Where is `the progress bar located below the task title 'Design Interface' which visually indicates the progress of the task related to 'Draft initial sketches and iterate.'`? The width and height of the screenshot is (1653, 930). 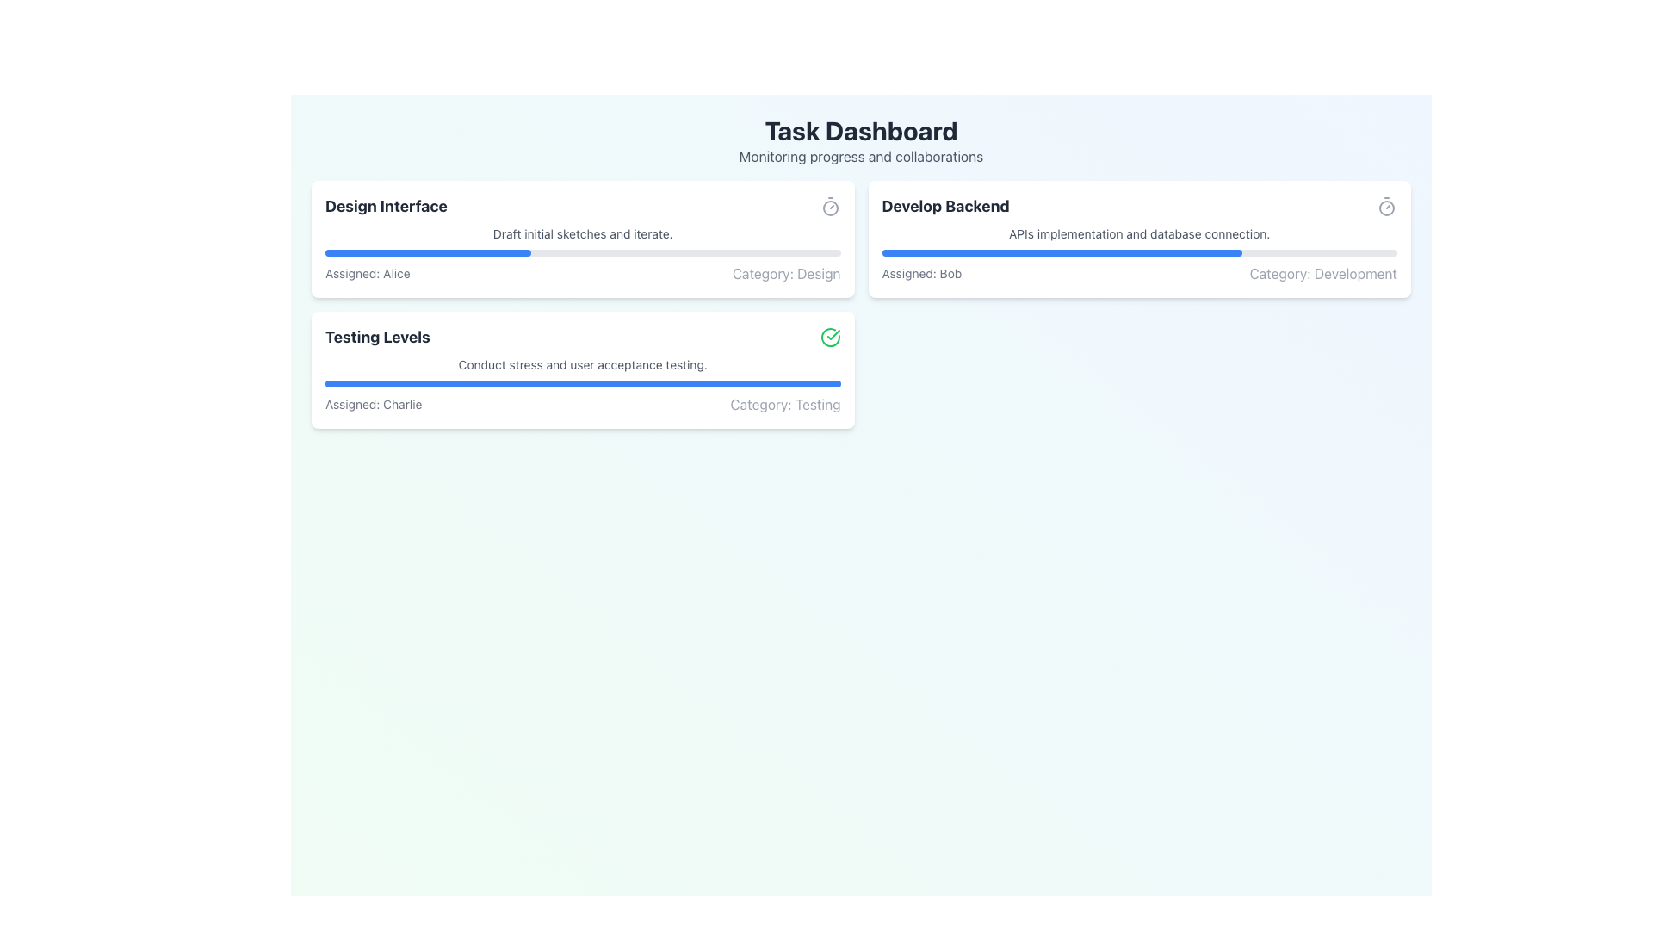
the progress bar located below the task title 'Design Interface' which visually indicates the progress of the task related to 'Draft initial sketches and iterate.' is located at coordinates (583, 252).